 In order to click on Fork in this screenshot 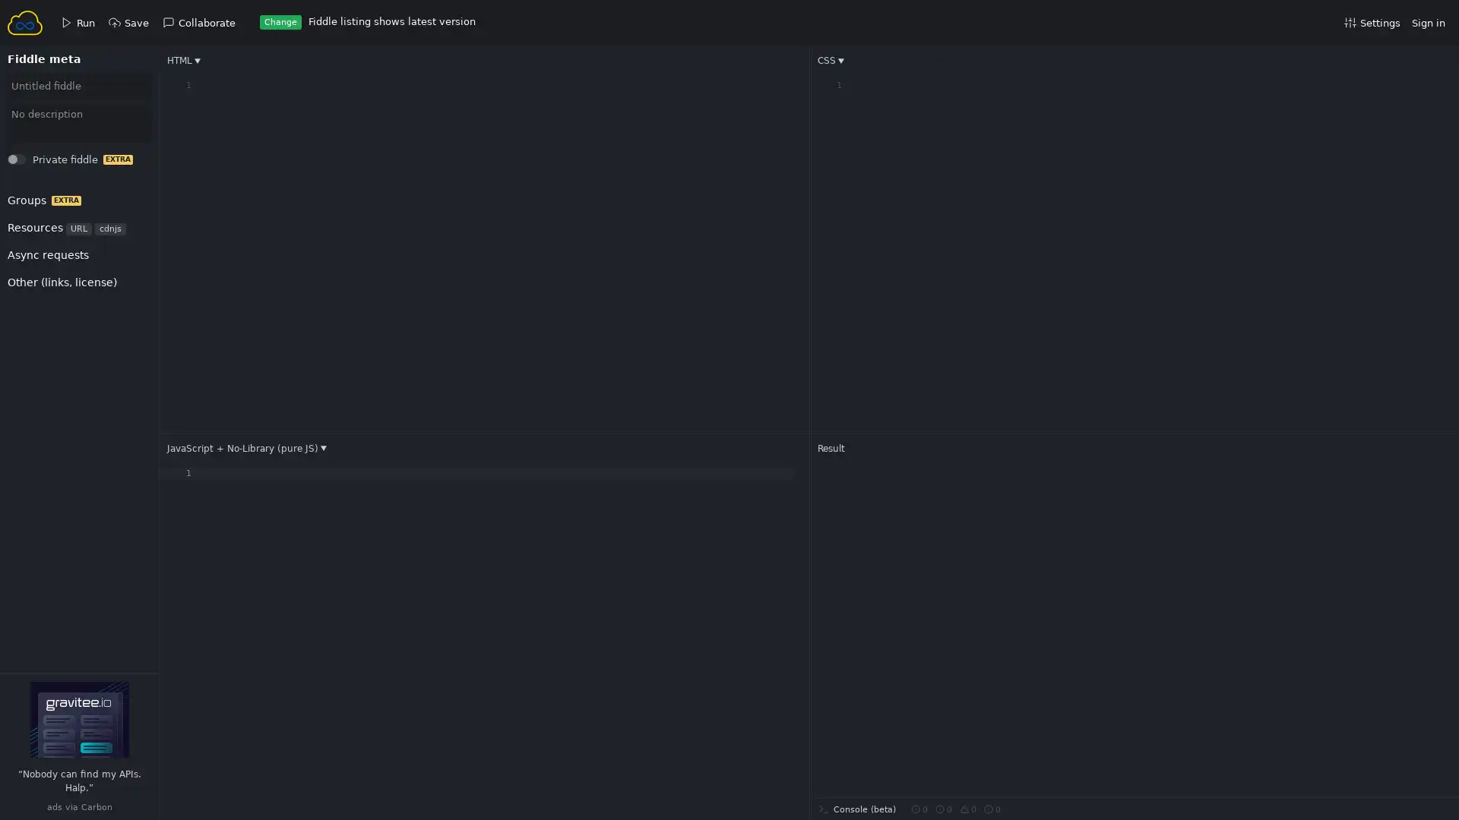, I will do `click(31, 163)`.